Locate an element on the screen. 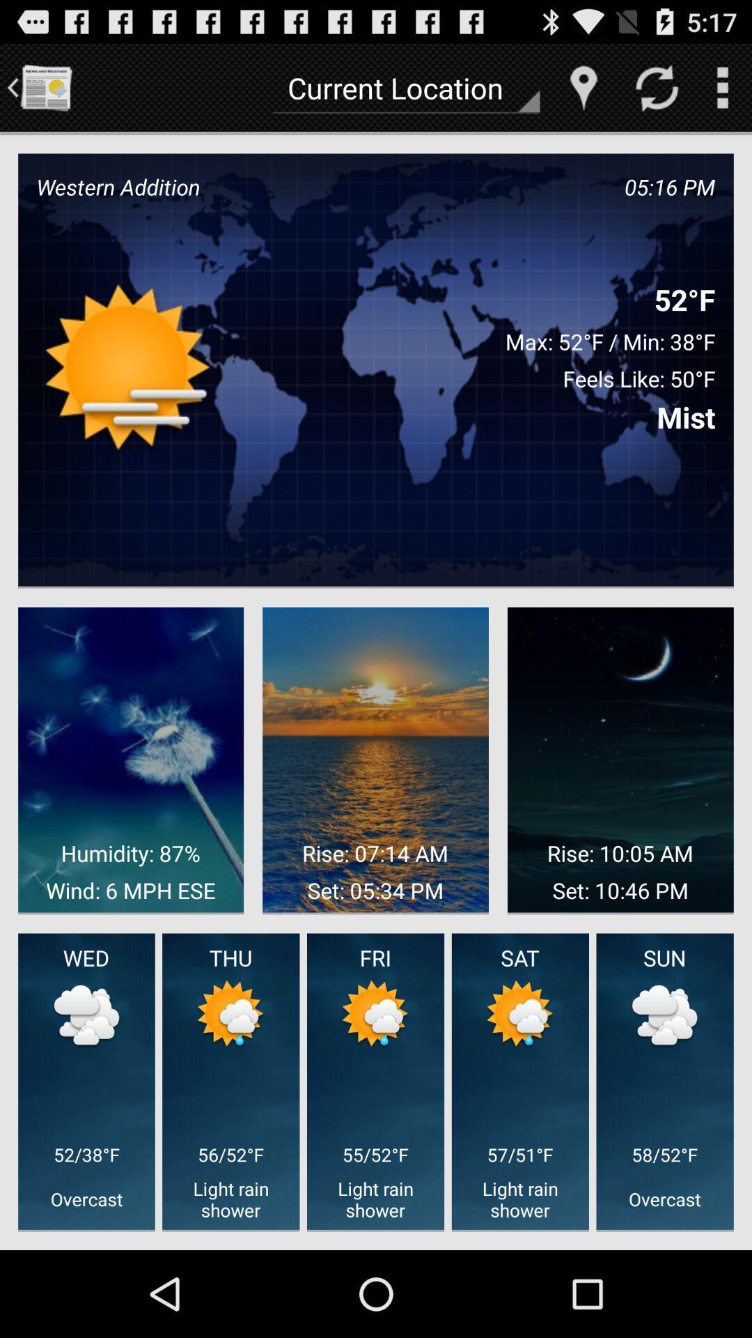 This screenshot has width=752, height=1338. the item next to the current location app is located at coordinates (583, 86).